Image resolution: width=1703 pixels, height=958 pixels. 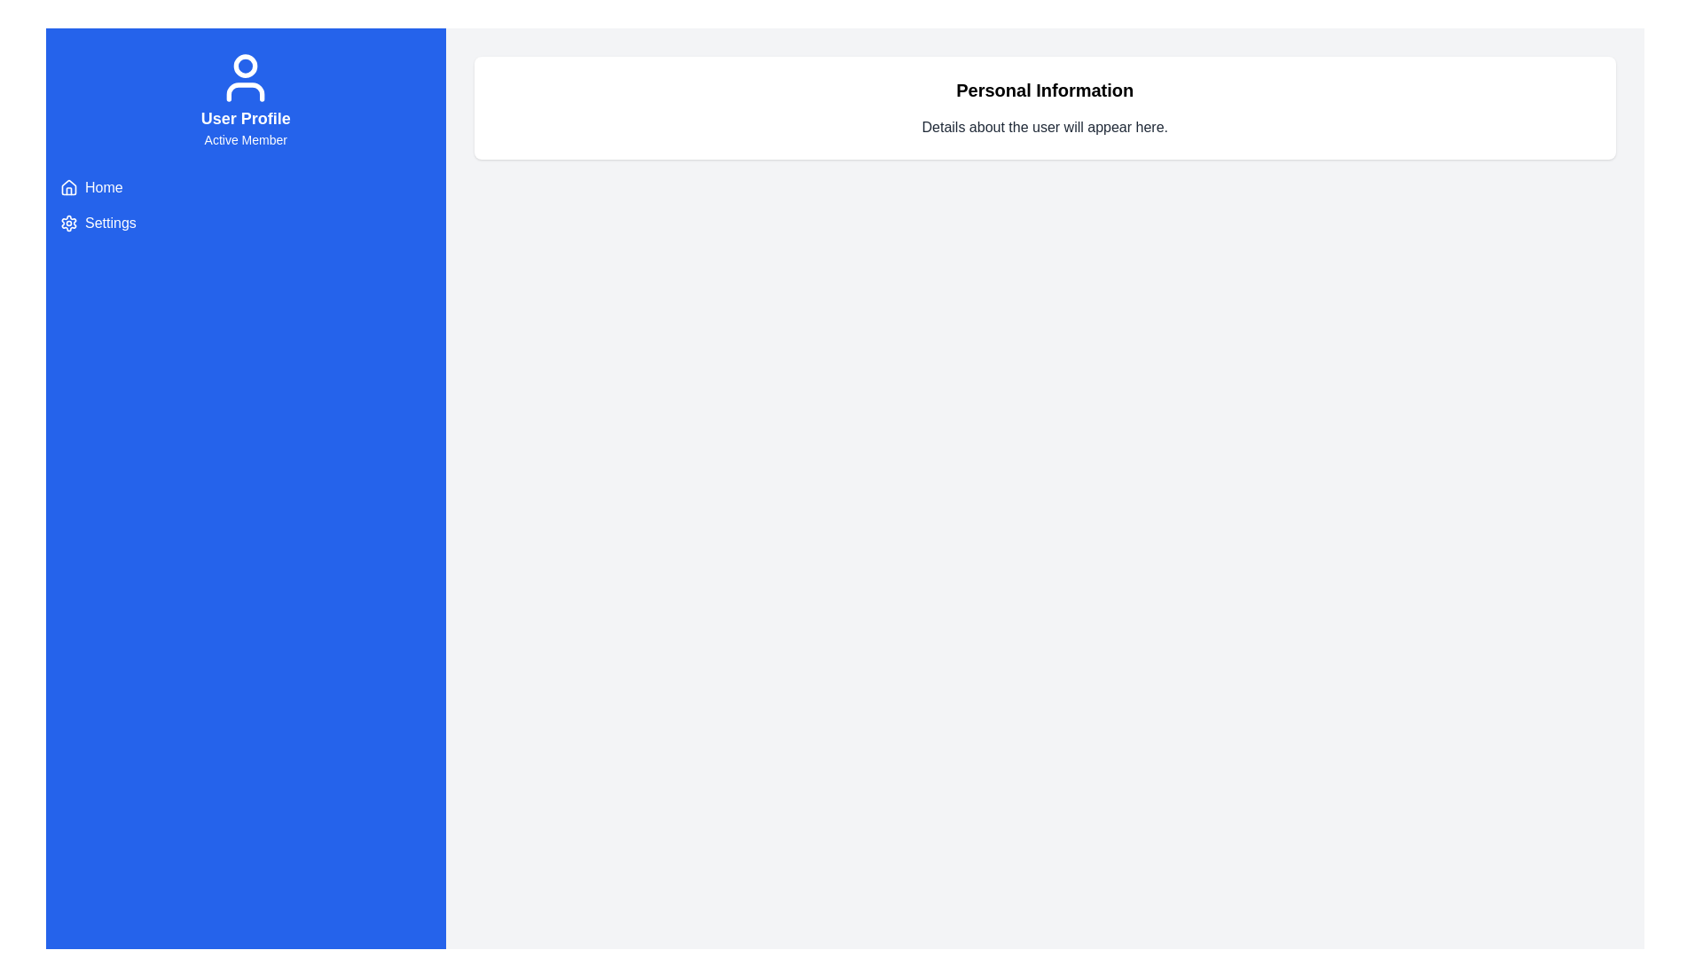 What do you see at coordinates (1045, 126) in the screenshot?
I see `the text element displaying the message 'Details about the user will appear here.' which is located below the 'Personal Information' header` at bounding box center [1045, 126].